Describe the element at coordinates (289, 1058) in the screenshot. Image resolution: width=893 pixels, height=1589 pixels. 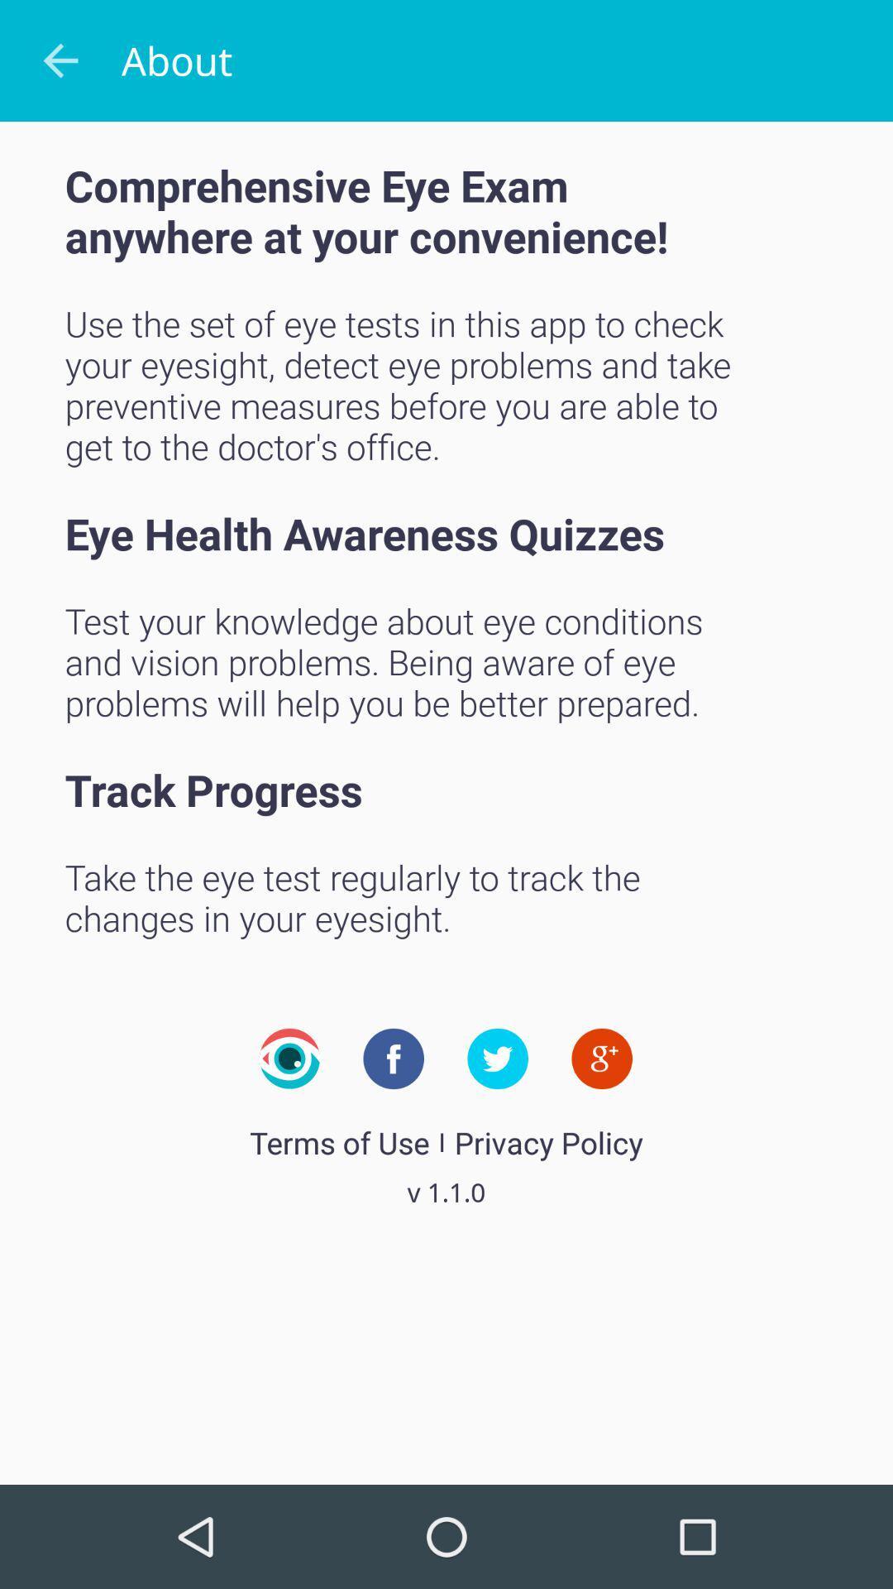
I see `item below the take the eye icon` at that location.